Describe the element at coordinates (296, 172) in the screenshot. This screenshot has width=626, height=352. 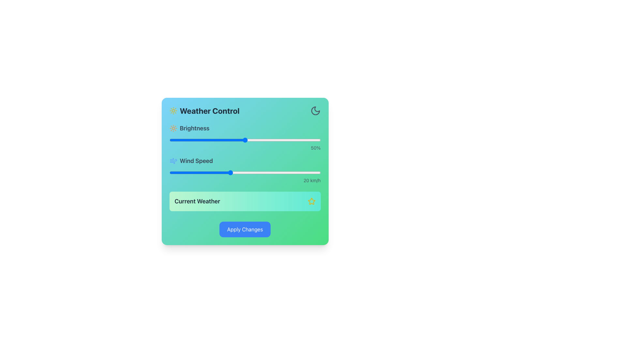
I see `the wind speed` at that location.